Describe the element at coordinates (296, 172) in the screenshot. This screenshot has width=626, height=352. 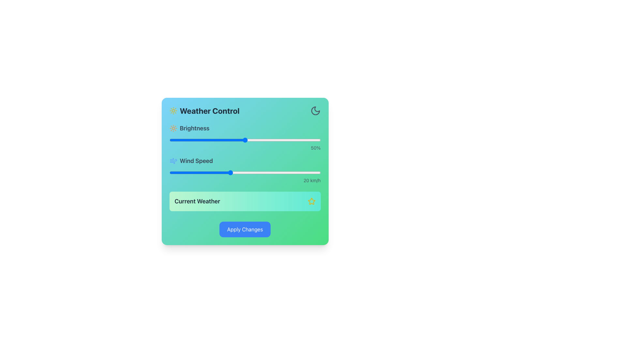
I see `the wind speed` at that location.